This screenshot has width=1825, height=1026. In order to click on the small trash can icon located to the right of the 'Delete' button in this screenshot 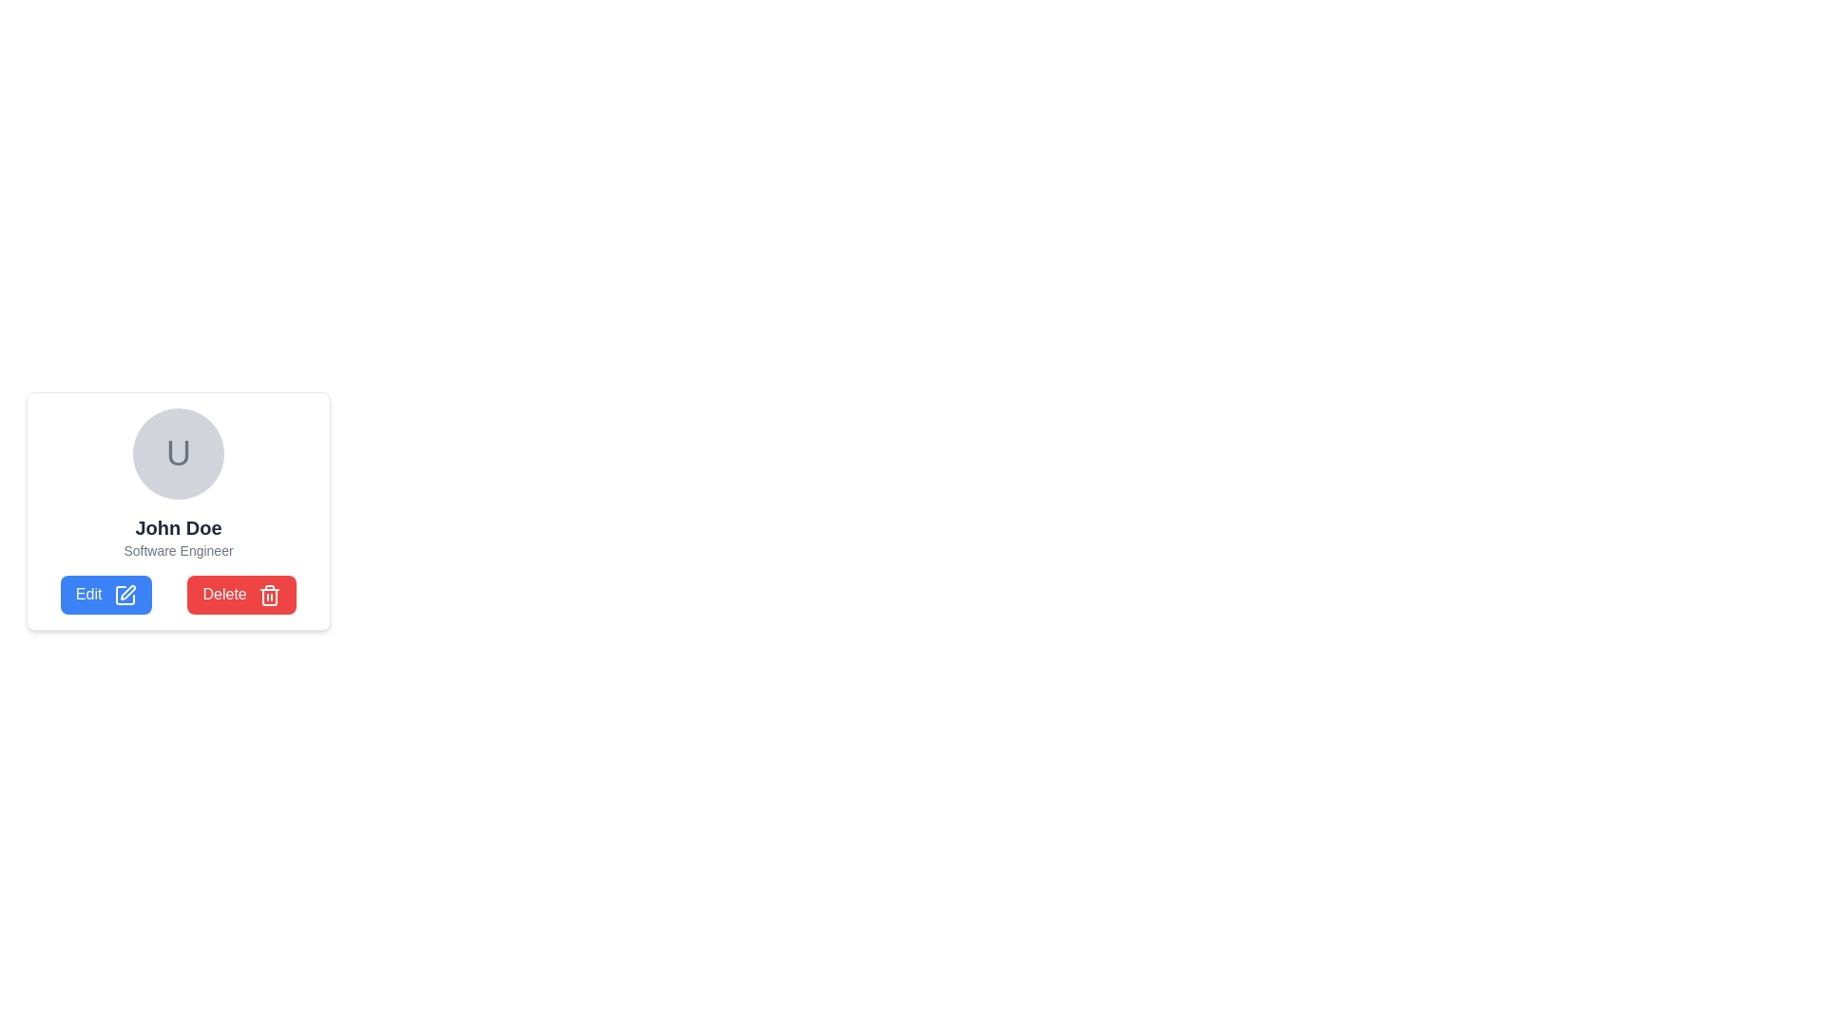, I will do `click(269, 594)`.